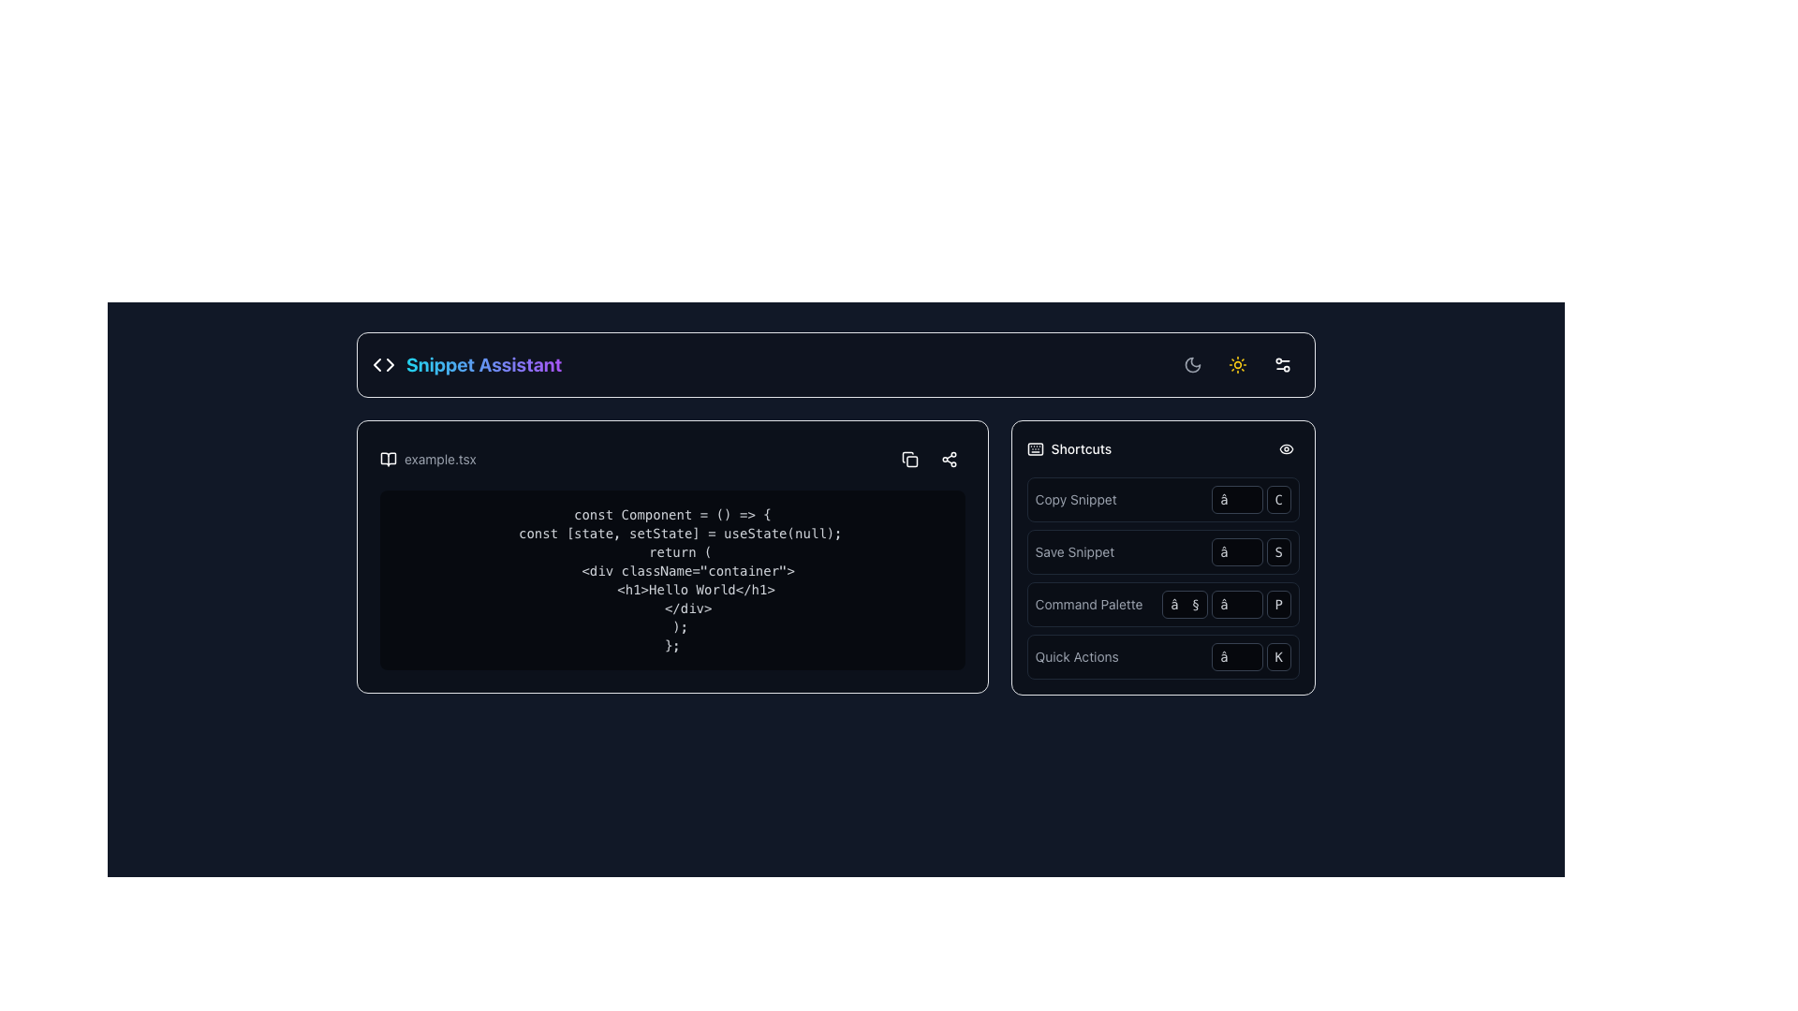 This screenshot has height=1011, width=1798. I want to click on the leftmost button in the '⌘K' shortcut indication group, which represents part of a keyboard shortcut, so click(1237, 656).